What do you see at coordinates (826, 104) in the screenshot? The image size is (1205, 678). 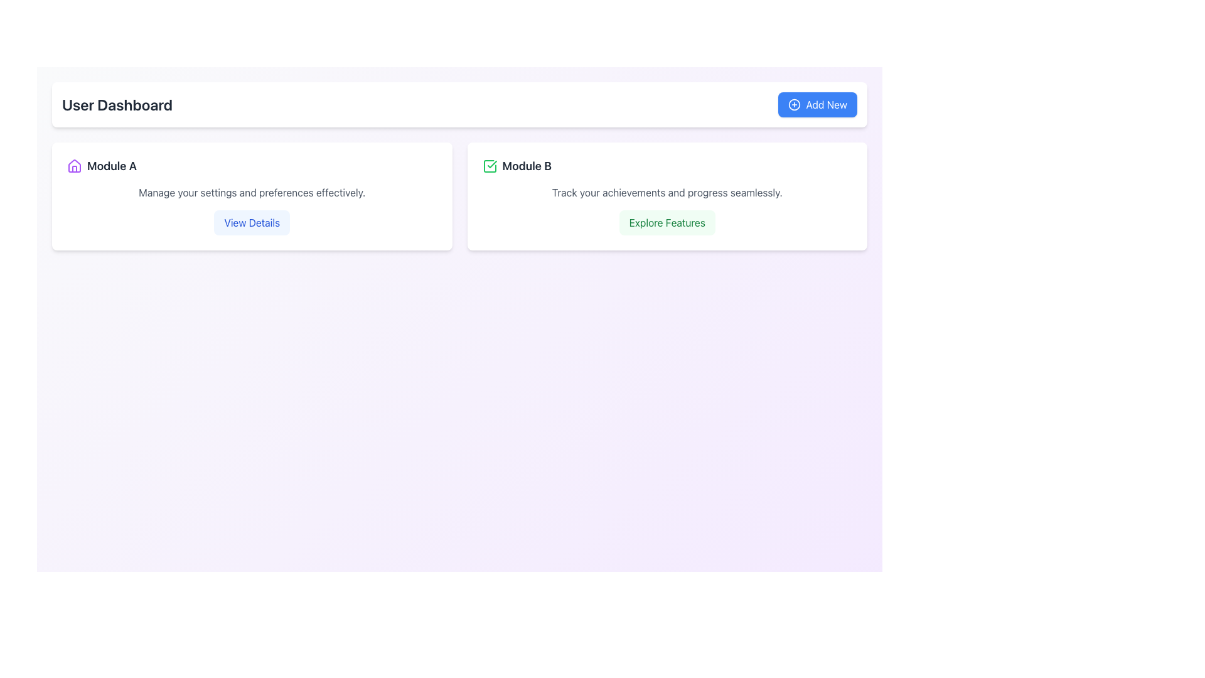 I see `the Text Label that serves as a label for the interactive button in the top-right corner of the interface to initiate its associated action` at bounding box center [826, 104].